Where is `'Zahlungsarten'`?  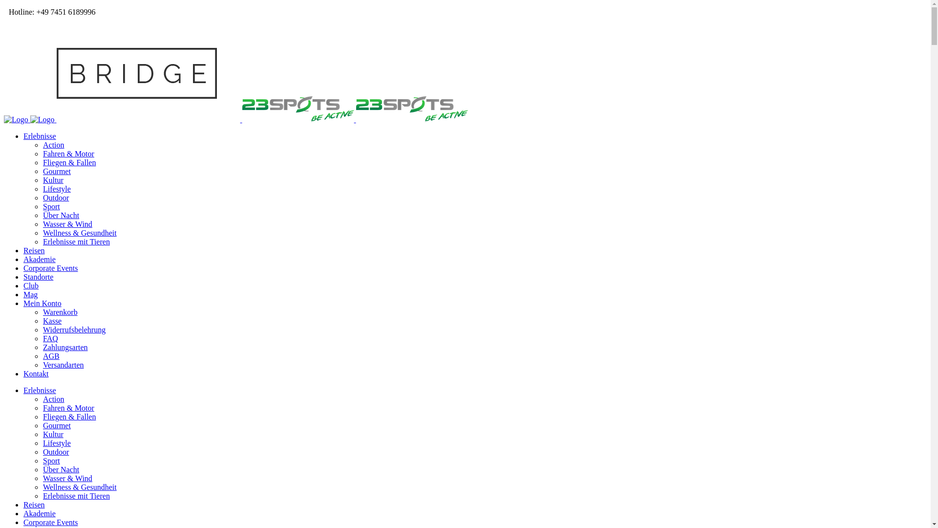 'Zahlungsarten' is located at coordinates (65, 347).